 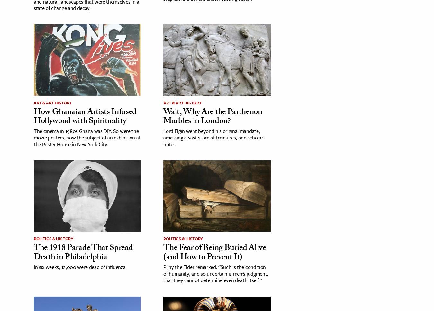 What do you see at coordinates (79, 267) in the screenshot?
I see `'In six weeks, 12,000 were dead of influenza.'` at bounding box center [79, 267].